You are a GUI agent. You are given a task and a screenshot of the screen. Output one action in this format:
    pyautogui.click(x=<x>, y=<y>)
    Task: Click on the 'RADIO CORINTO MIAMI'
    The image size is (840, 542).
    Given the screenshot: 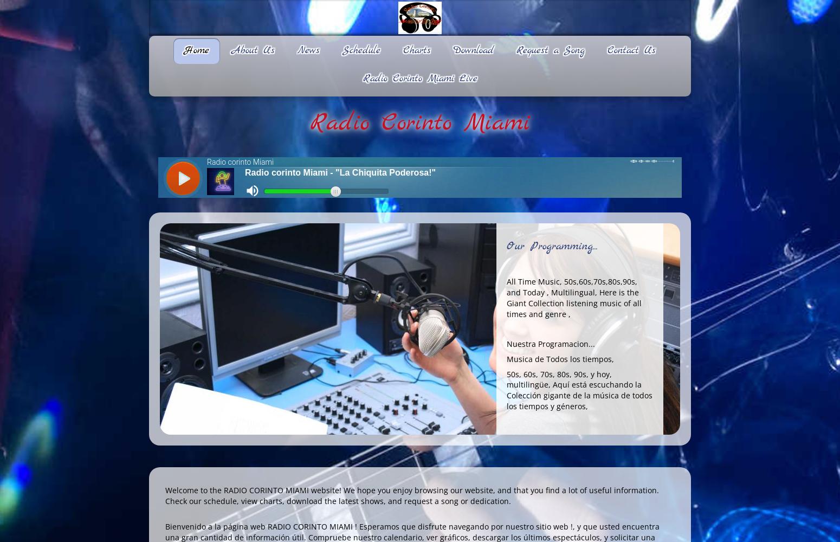 What is the action you would take?
    pyautogui.click(x=310, y=526)
    